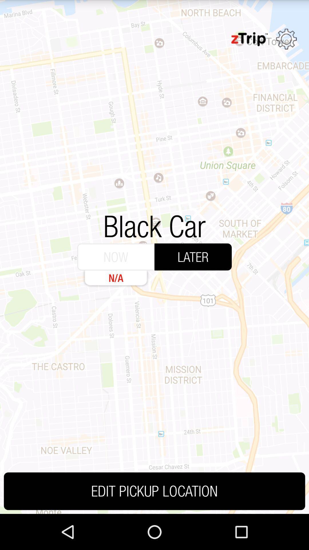  What do you see at coordinates (286, 42) in the screenshot?
I see `the settings icon` at bounding box center [286, 42].